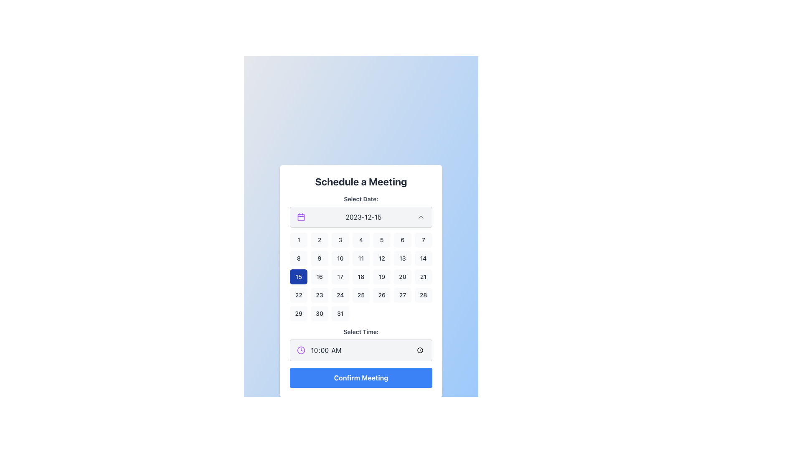  Describe the element at coordinates (423, 294) in the screenshot. I see `the button representing the date '28' in the calendar date-picker component` at that location.